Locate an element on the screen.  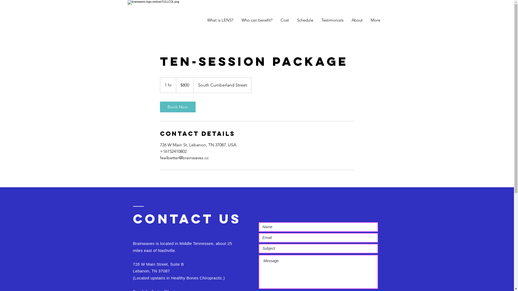
'brainwaves-logo-verticalw_tag-WHTonFULLC' is located at coordinates (159, 20).